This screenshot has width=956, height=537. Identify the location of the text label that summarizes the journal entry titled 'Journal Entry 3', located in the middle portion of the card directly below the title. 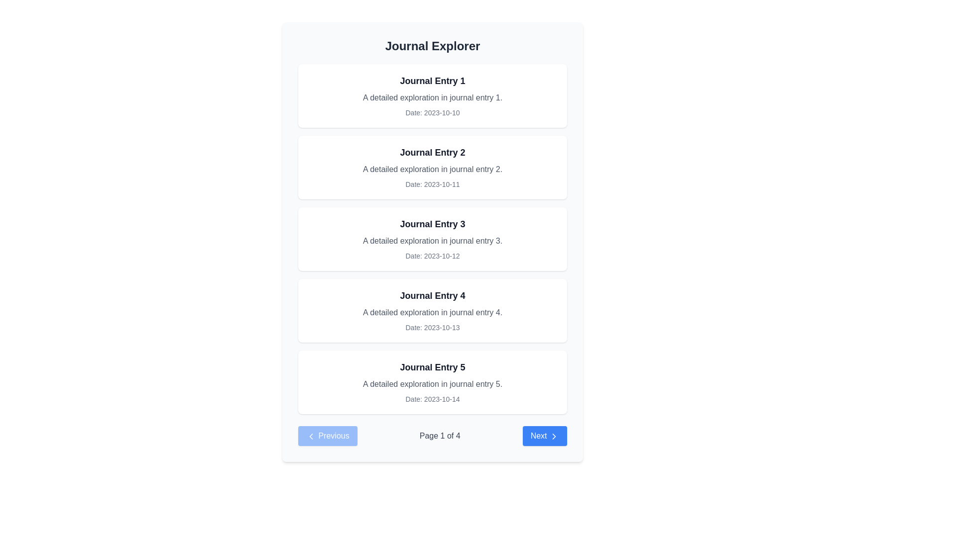
(432, 241).